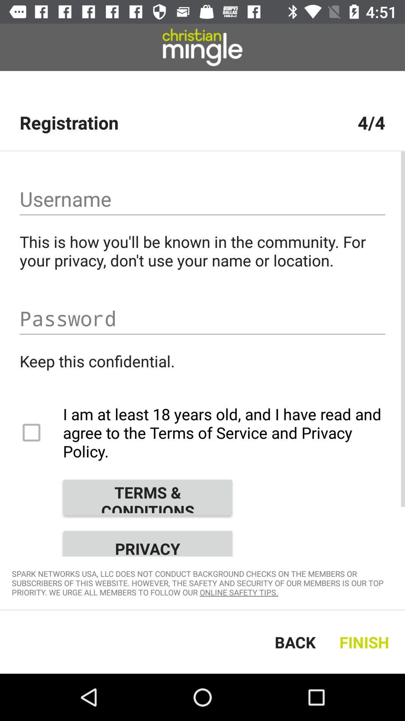 The width and height of the screenshot is (405, 721). What do you see at coordinates (295, 641) in the screenshot?
I see `the back item` at bounding box center [295, 641].